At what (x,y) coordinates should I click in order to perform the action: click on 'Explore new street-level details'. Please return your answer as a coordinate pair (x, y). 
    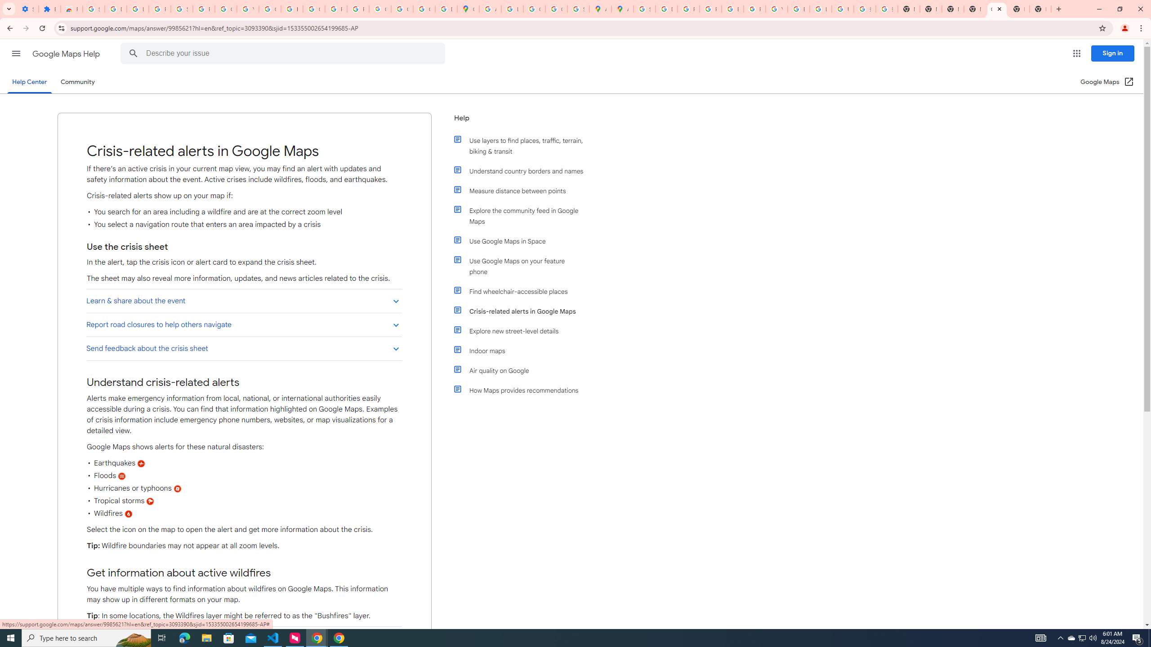
    Looking at the image, I should click on (522, 331).